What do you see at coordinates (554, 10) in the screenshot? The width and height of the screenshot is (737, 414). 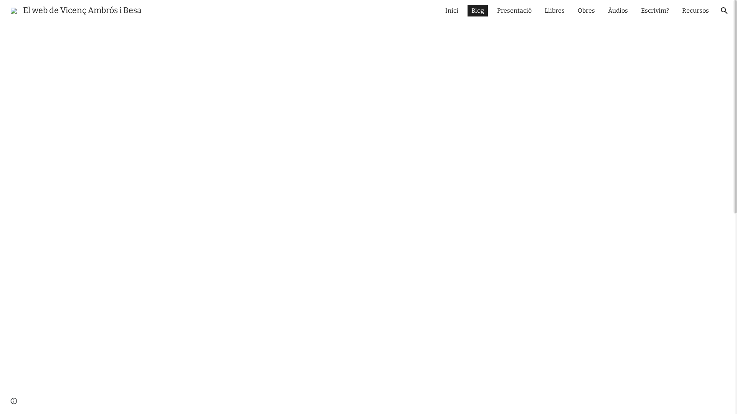 I see `'Llibres'` at bounding box center [554, 10].